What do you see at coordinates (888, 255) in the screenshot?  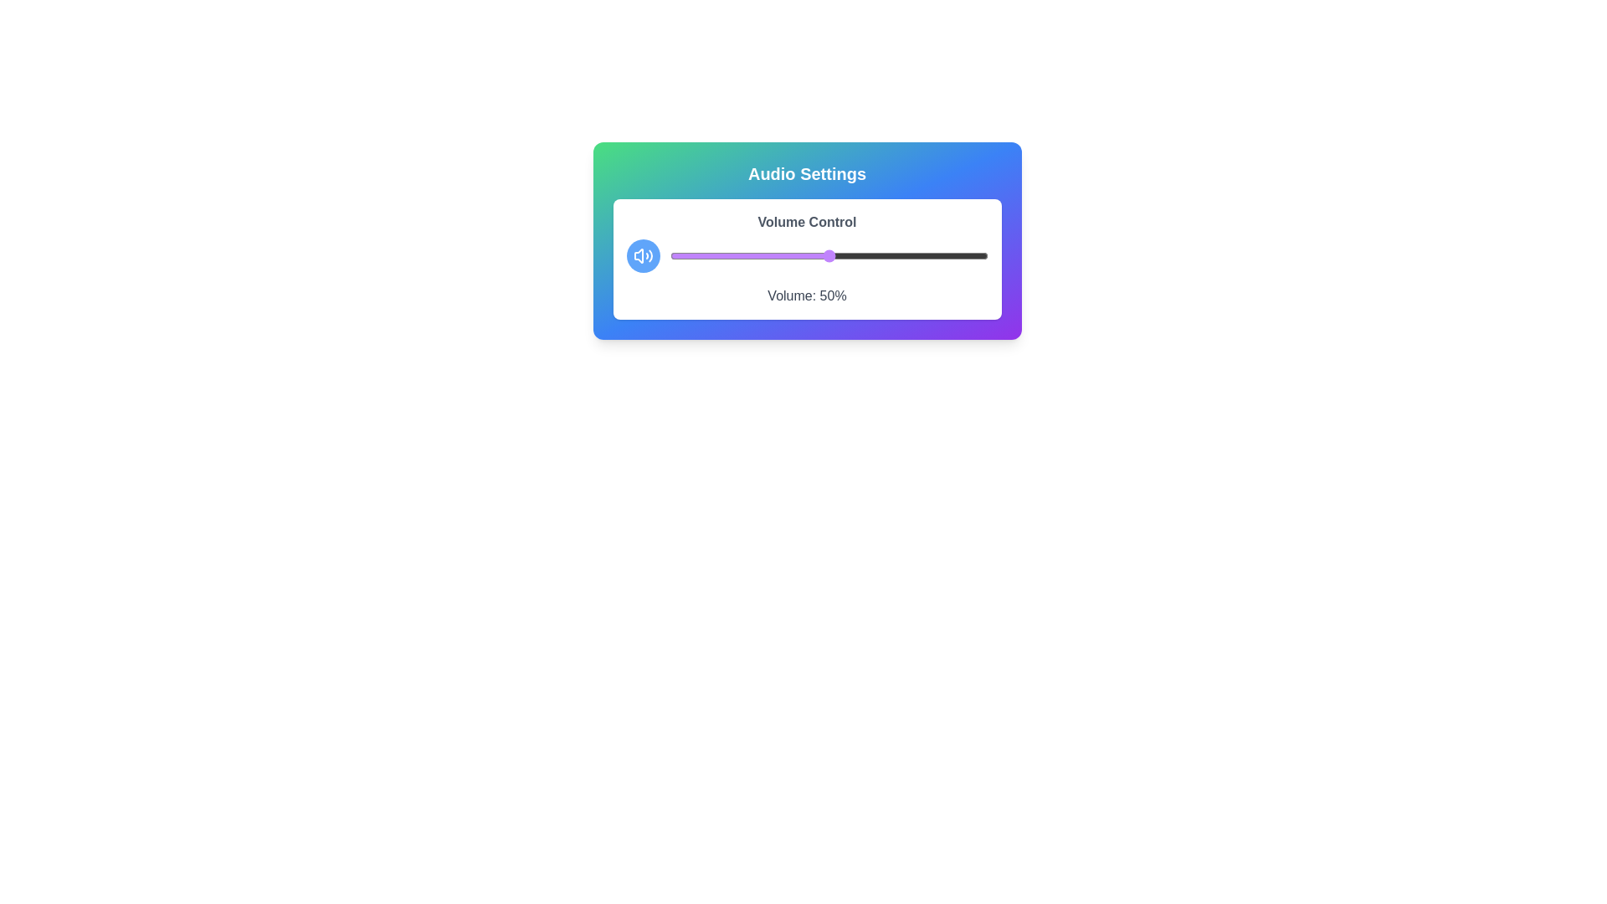 I see `volume slider` at bounding box center [888, 255].